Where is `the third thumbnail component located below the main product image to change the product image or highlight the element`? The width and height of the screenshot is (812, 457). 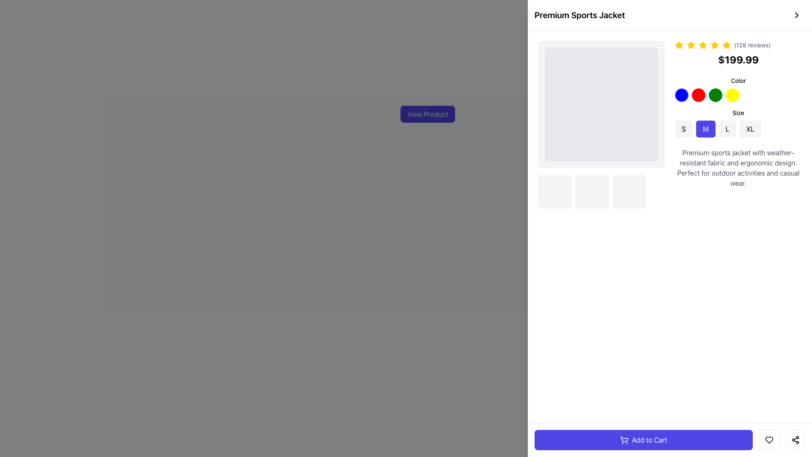
the third thumbnail component located below the main product image to change the product image or highlight the element is located at coordinates (629, 191).